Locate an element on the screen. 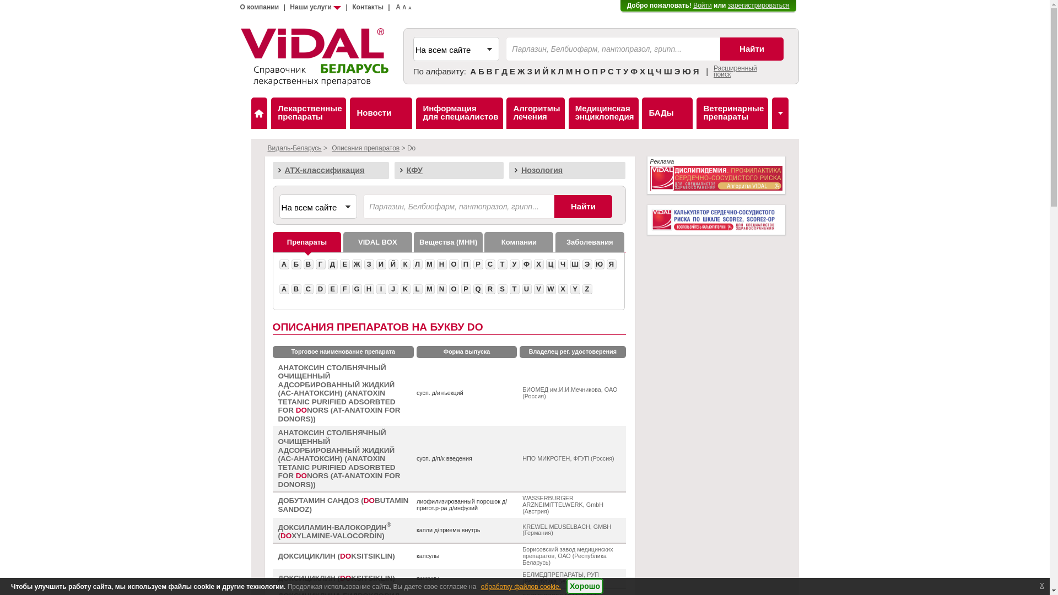  'Y' is located at coordinates (574, 288).